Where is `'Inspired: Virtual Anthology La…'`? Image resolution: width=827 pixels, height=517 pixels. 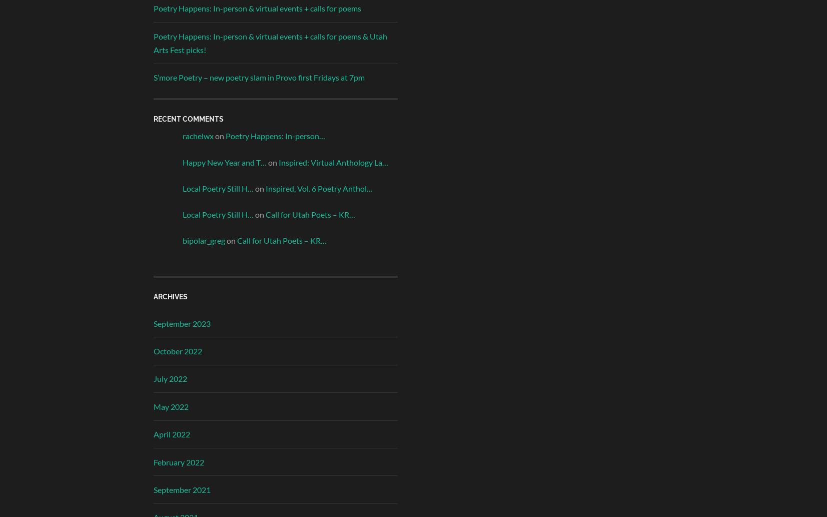
'Inspired: Virtual Anthology La…' is located at coordinates (332, 161).